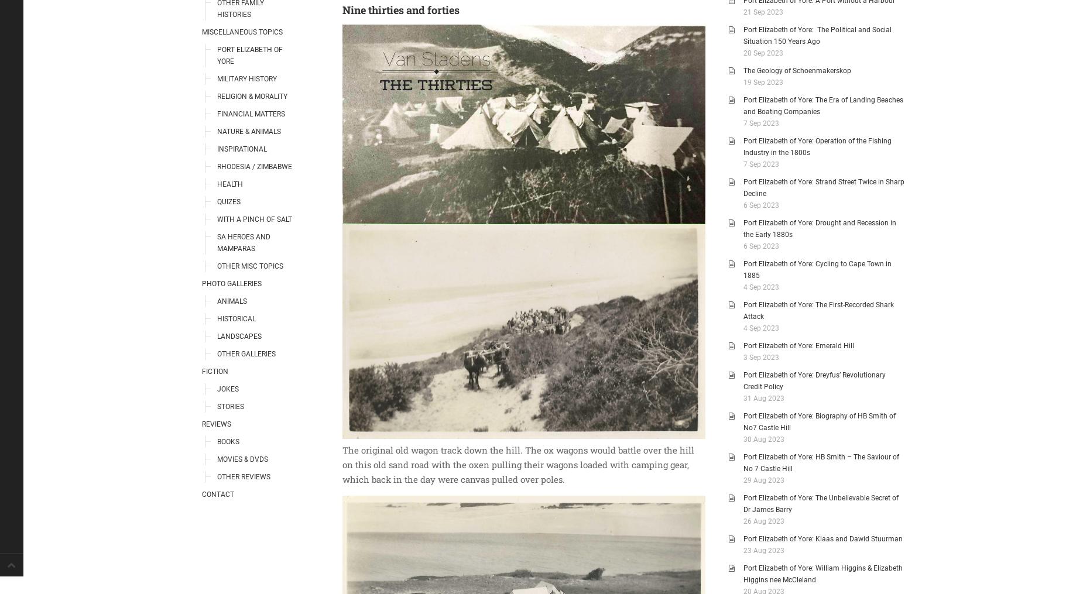  What do you see at coordinates (216, 78) in the screenshot?
I see `'Military History'` at bounding box center [216, 78].